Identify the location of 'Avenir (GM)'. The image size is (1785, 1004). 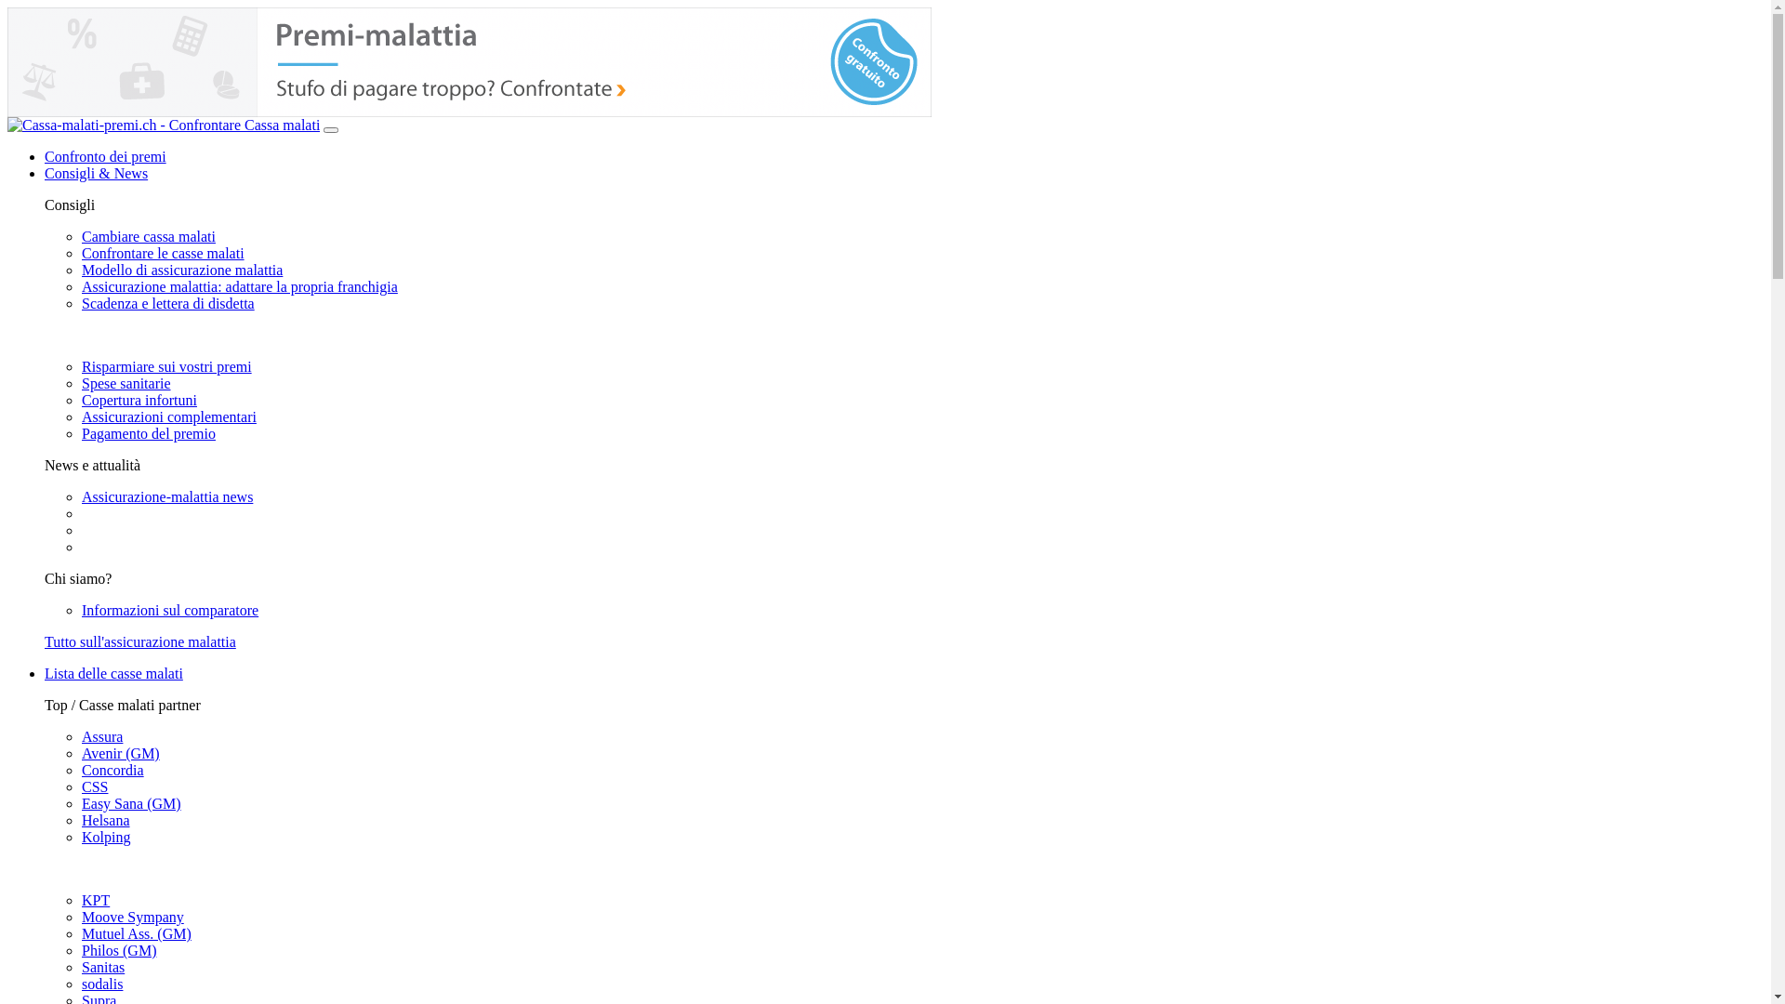
(119, 753).